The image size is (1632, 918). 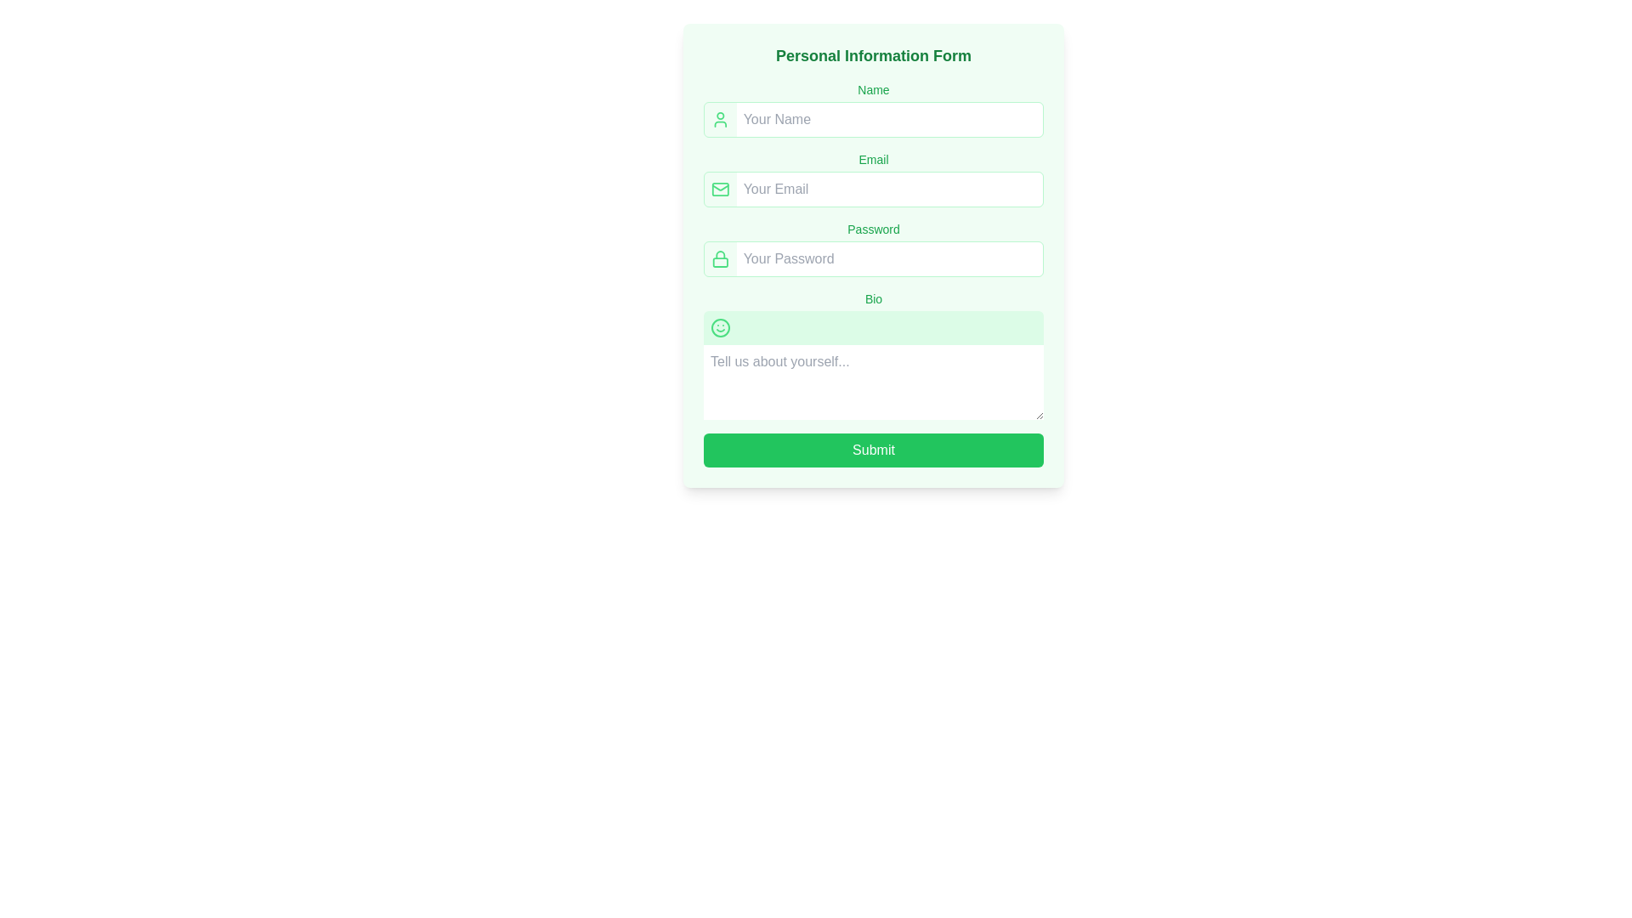 What do you see at coordinates (873, 297) in the screenshot?
I see `the 'Bio' text label element, which is styled in small green font and positioned above the green-tinted text area in the fifth section of the form` at bounding box center [873, 297].